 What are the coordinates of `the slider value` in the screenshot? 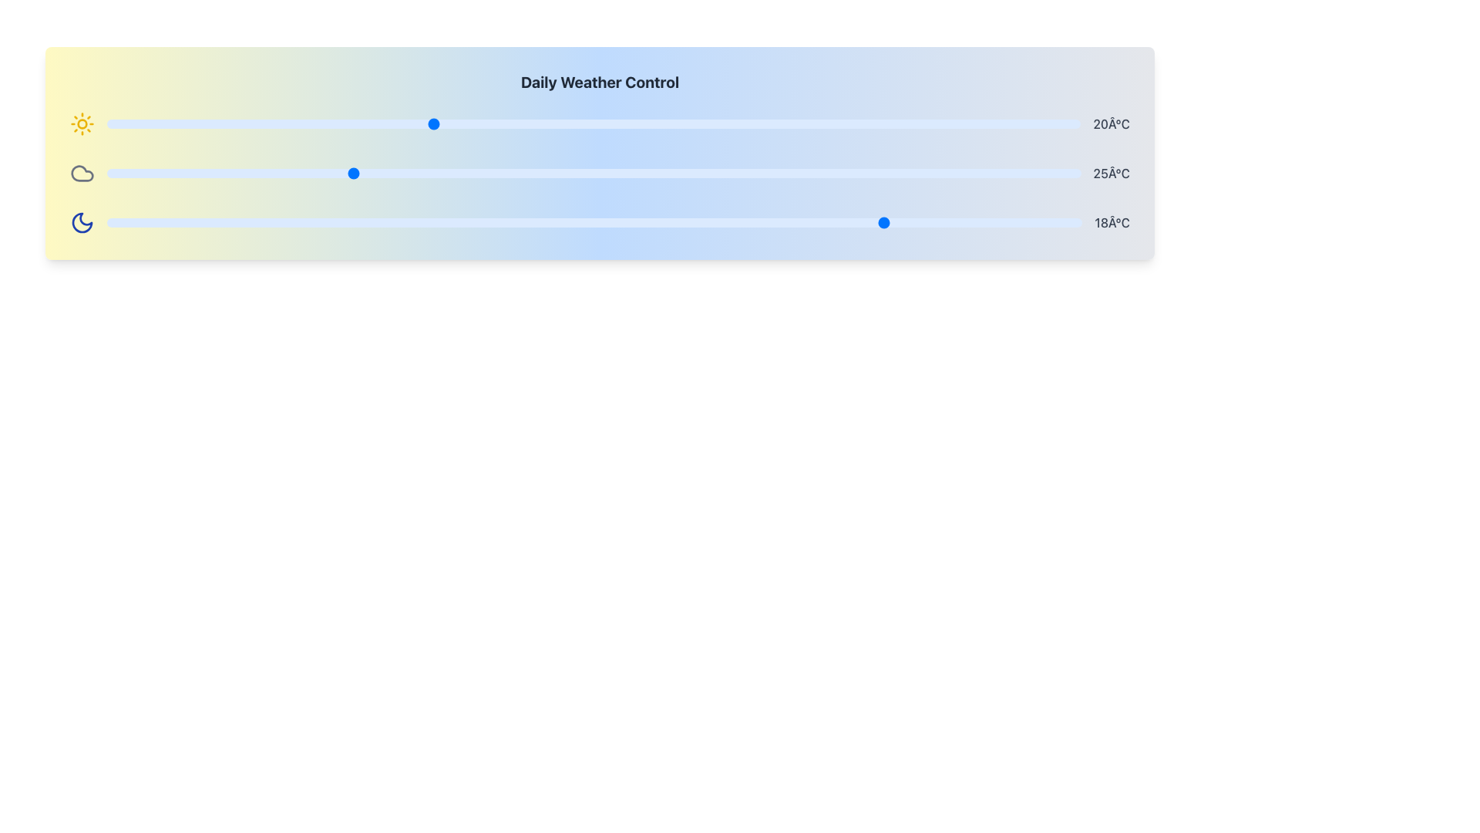 It's located at (156, 173).